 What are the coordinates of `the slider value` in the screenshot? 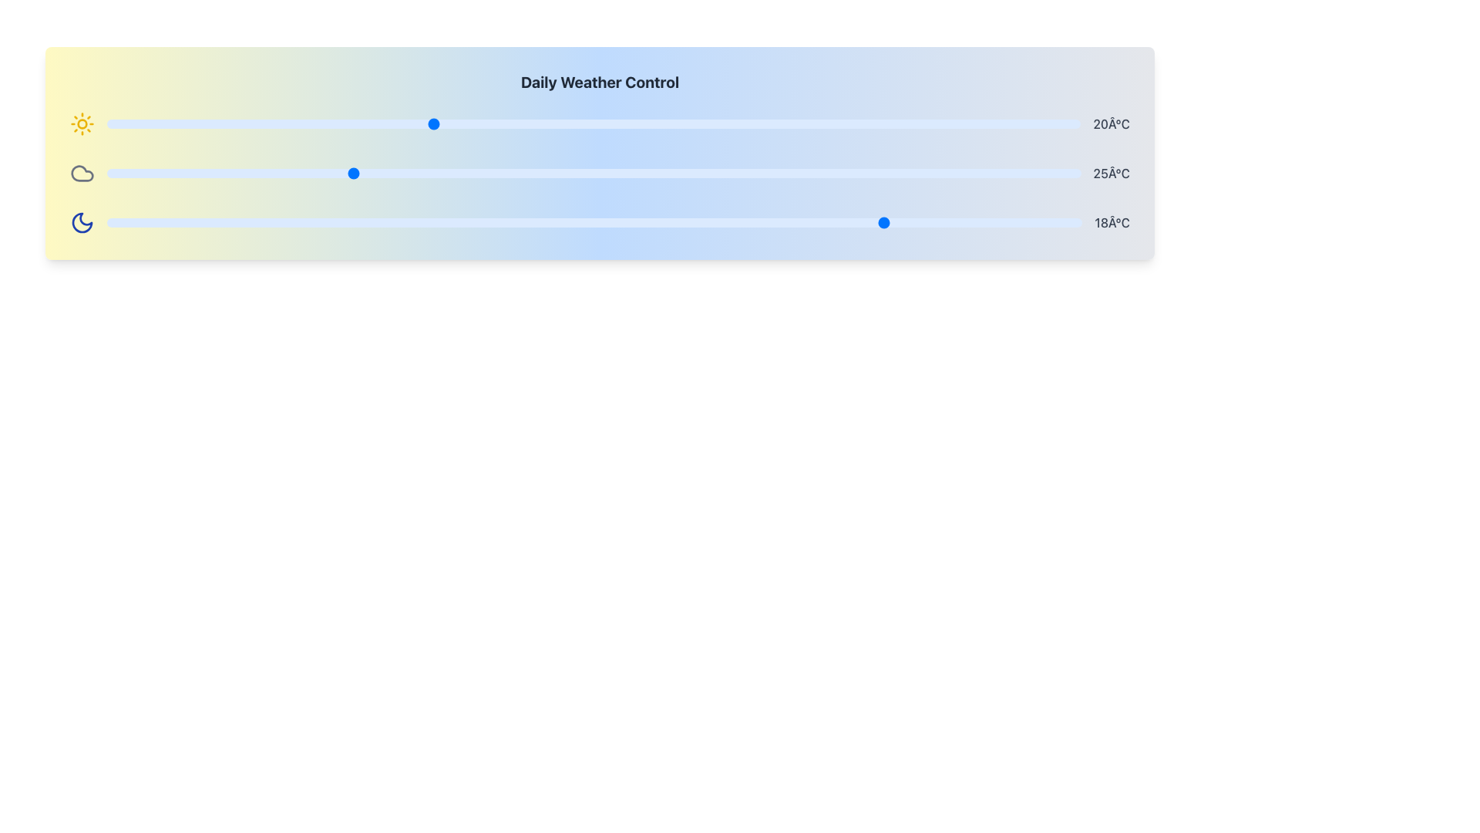 It's located at (156, 173).